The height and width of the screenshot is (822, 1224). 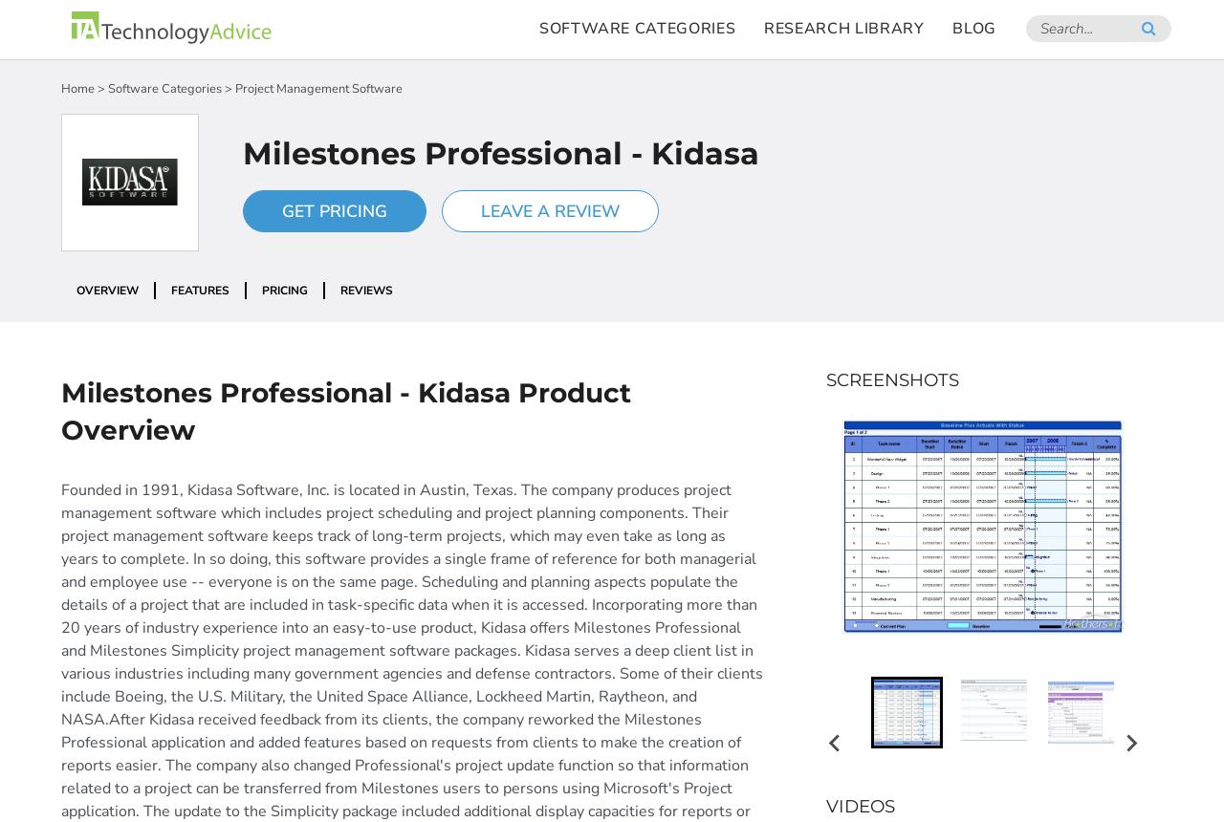 What do you see at coordinates (76, 87) in the screenshot?
I see `'Home'` at bounding box center [76, 87].